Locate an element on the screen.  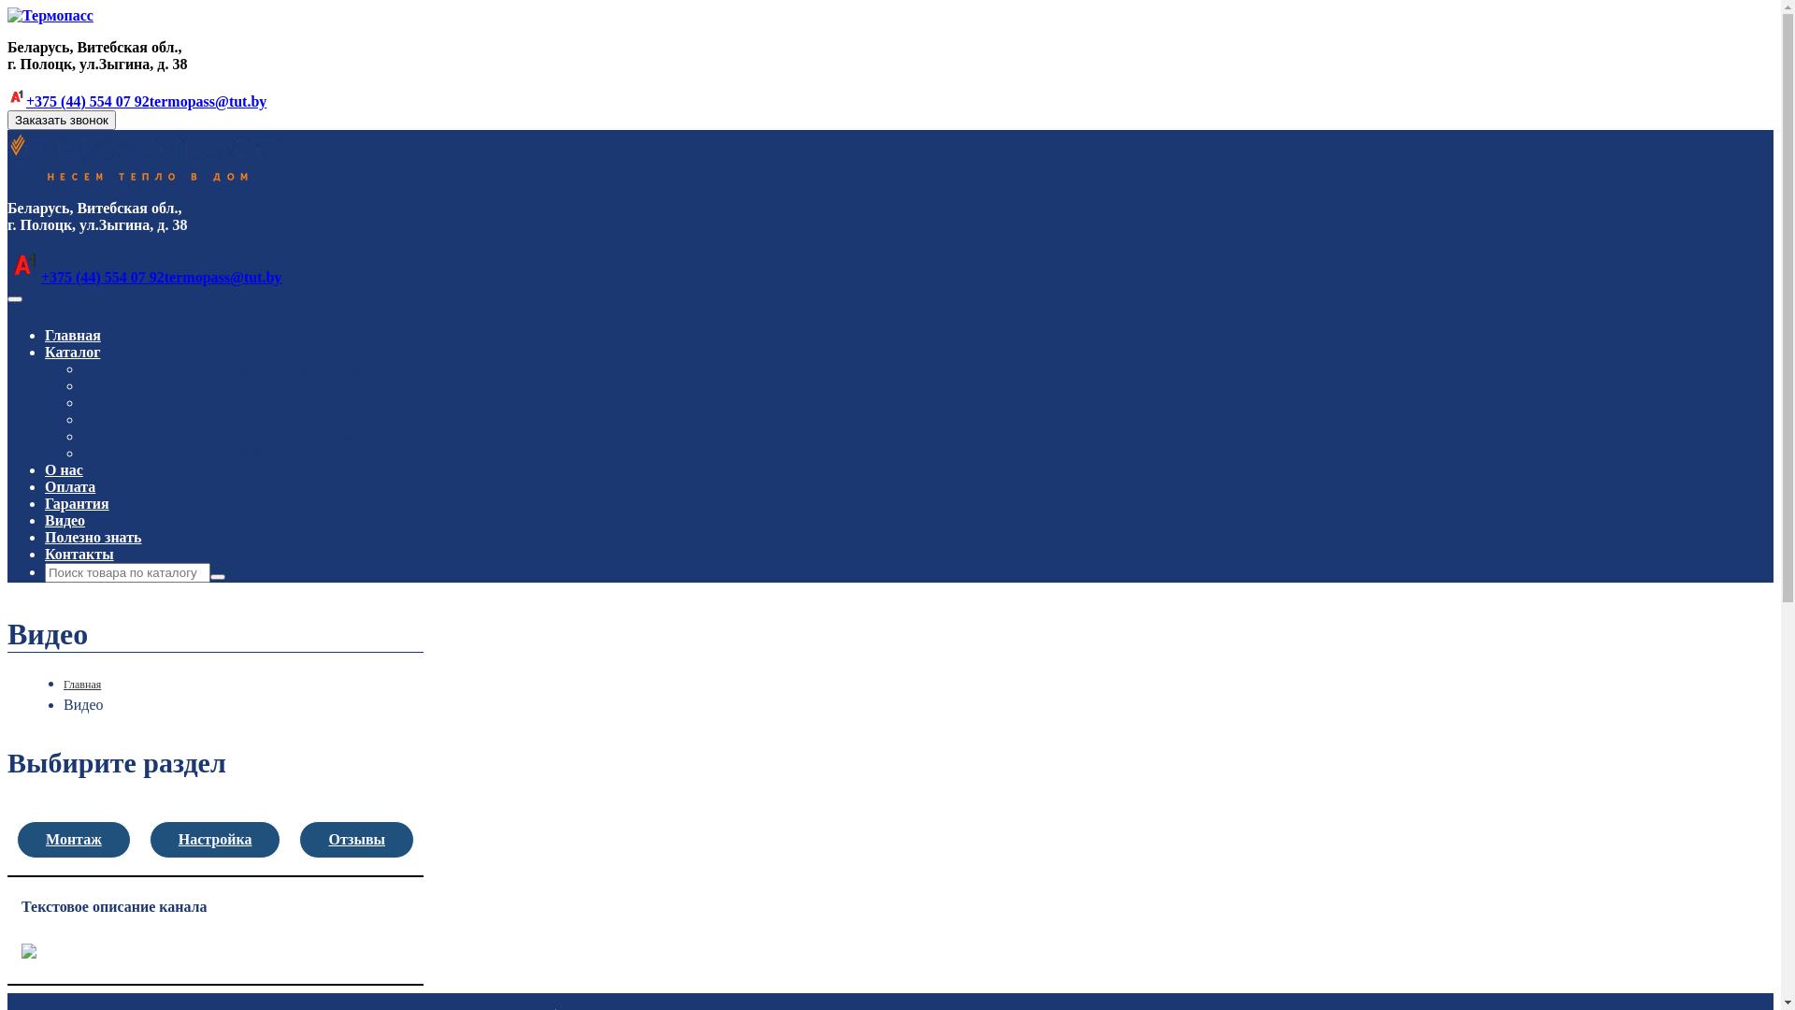
'termopass@tut.by' is located at coordinates (208, 101).